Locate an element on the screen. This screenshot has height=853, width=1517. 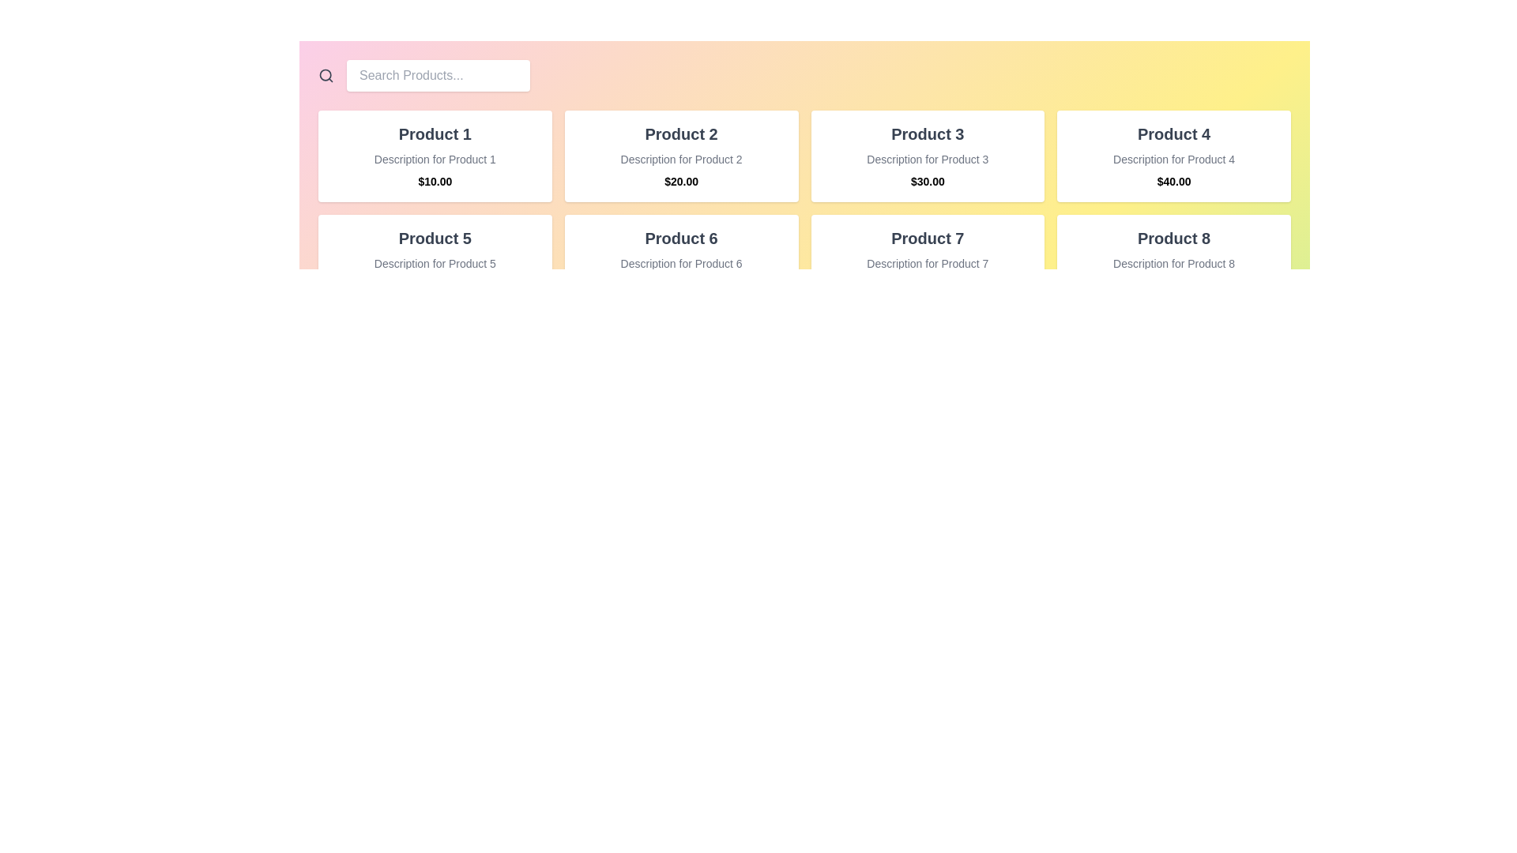
the Text label providing a brief description of 'Product 6', which is positioned between the title 'Product 6' and the price '$60.00' is located at coordinates (681, 263).